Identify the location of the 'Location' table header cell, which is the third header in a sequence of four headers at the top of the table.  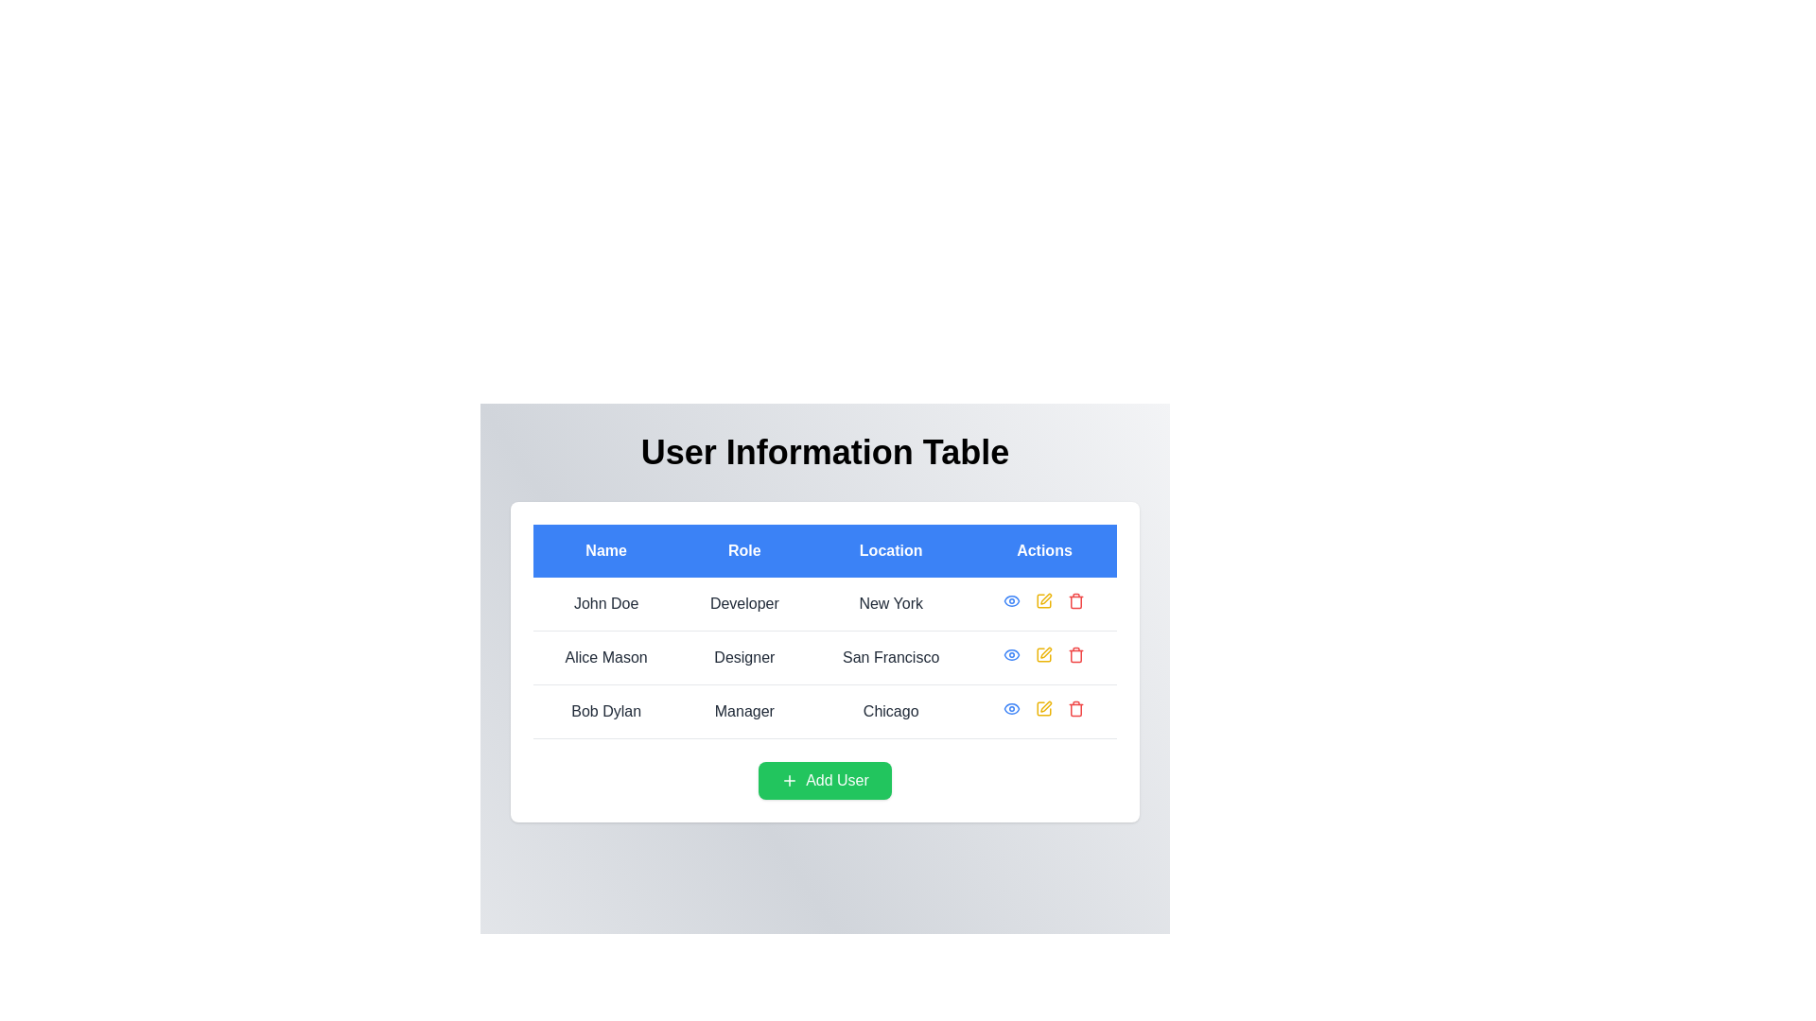
(889, 550).